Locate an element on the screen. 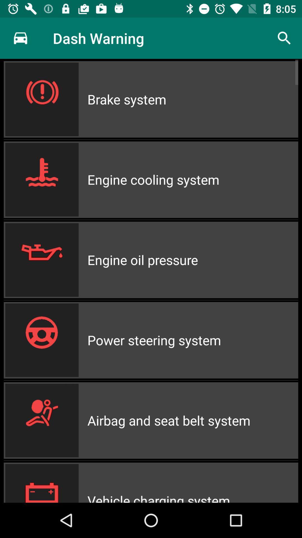 Image resolution: width=302 pixels, height=538 pixels. the item at the top right corner is located at coordinates (284, 38).